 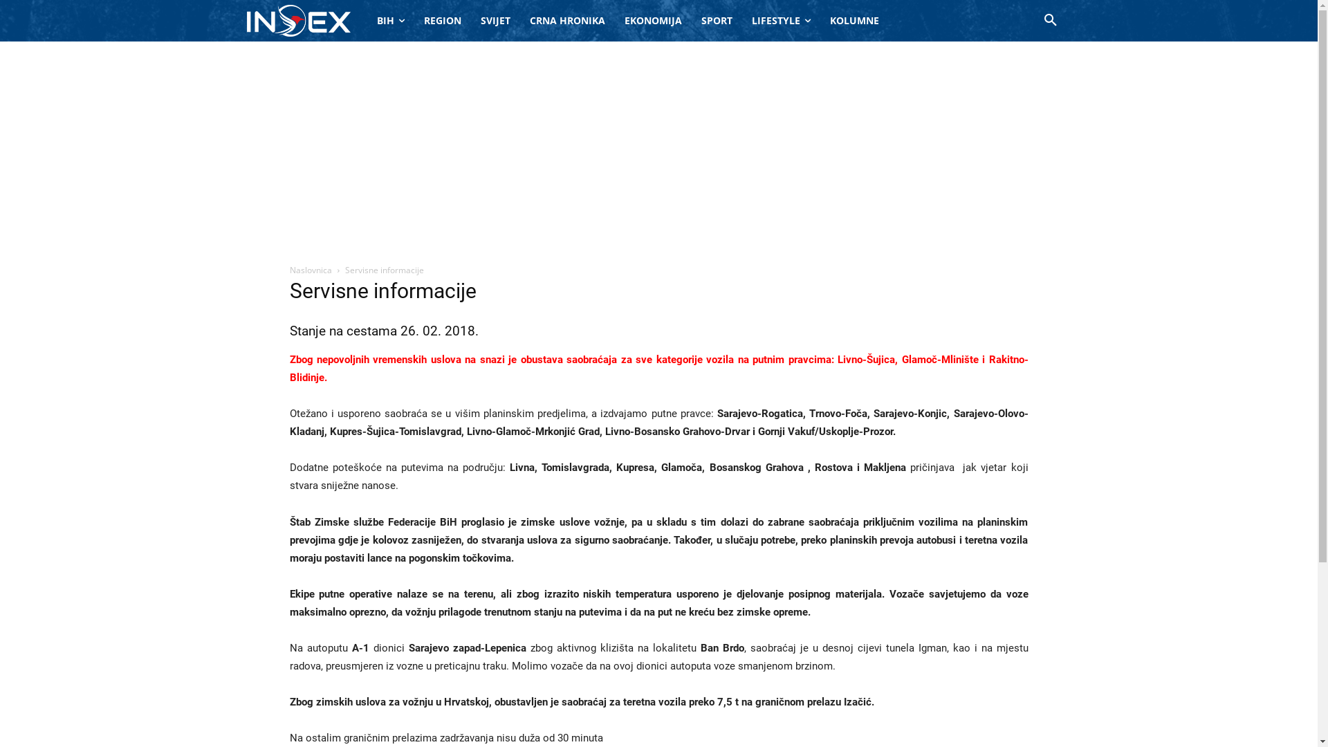 What do you see at coordinates (441, 21) in the screenshot?
I see `'REGION'` at bounding box center [441, 21].